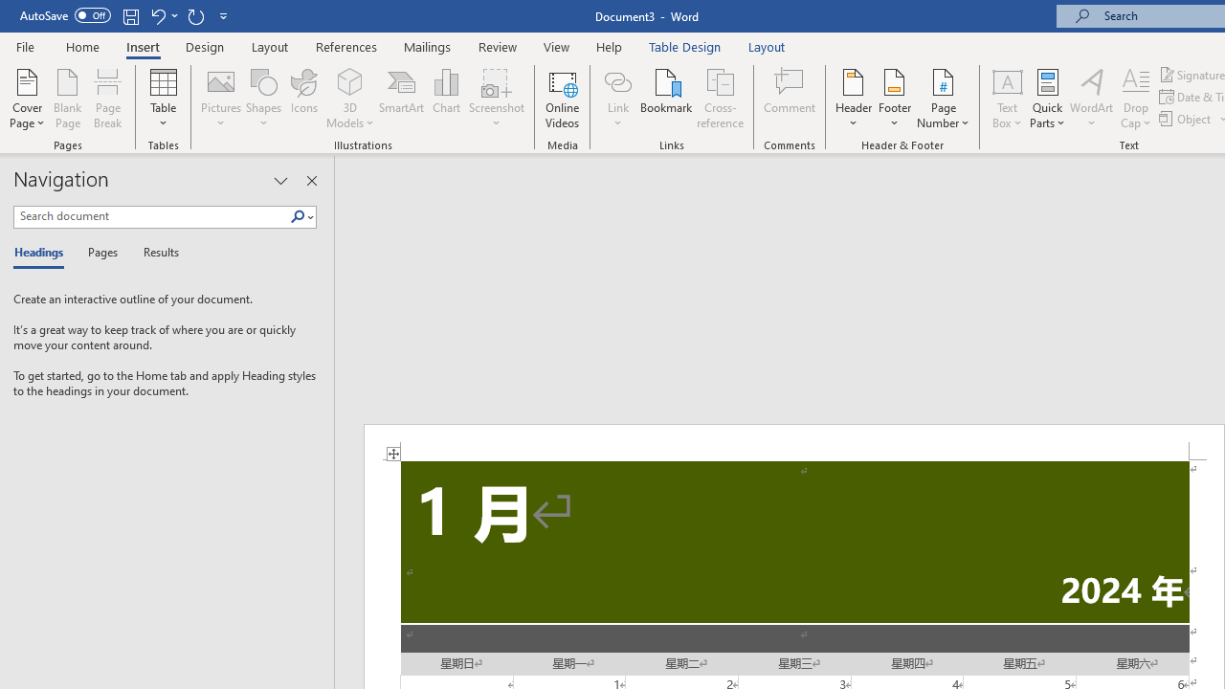  What do you see at coordinates (350, 99) in the screenshot?
I see `'3D Models'` at bounding box center [350, 99].